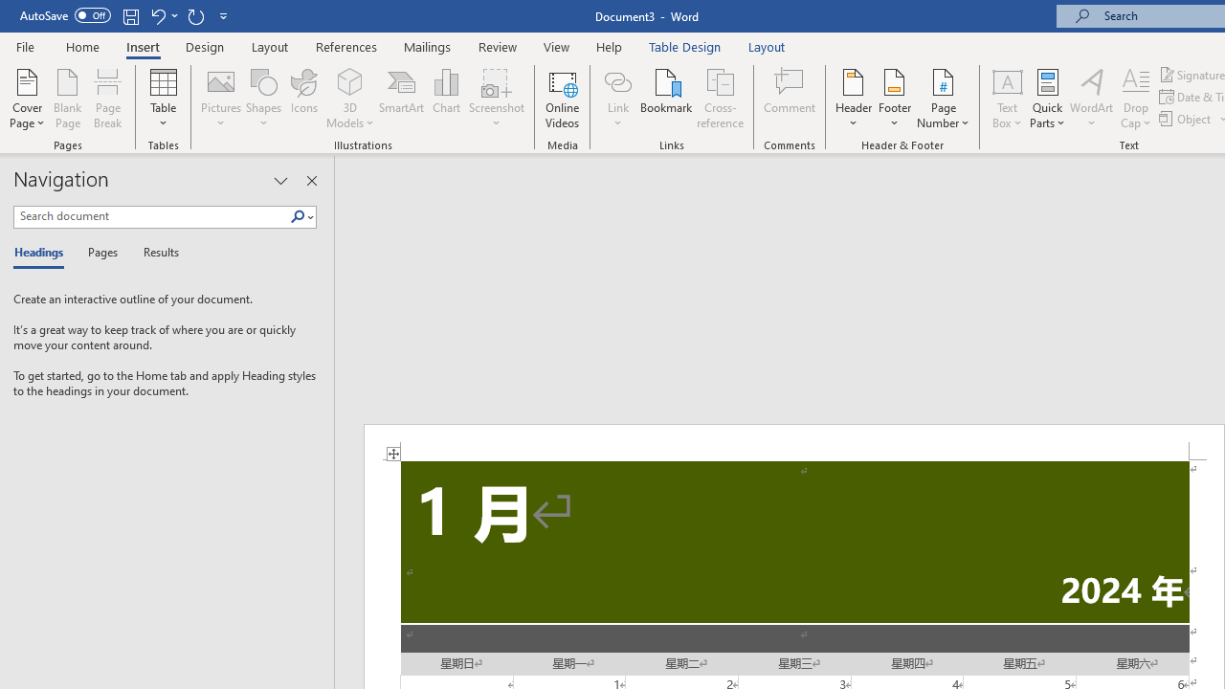  What do you see at coordinates (350, 99) in the screenshot?
I see `'3D Models'` at bounding box center [350, 99].